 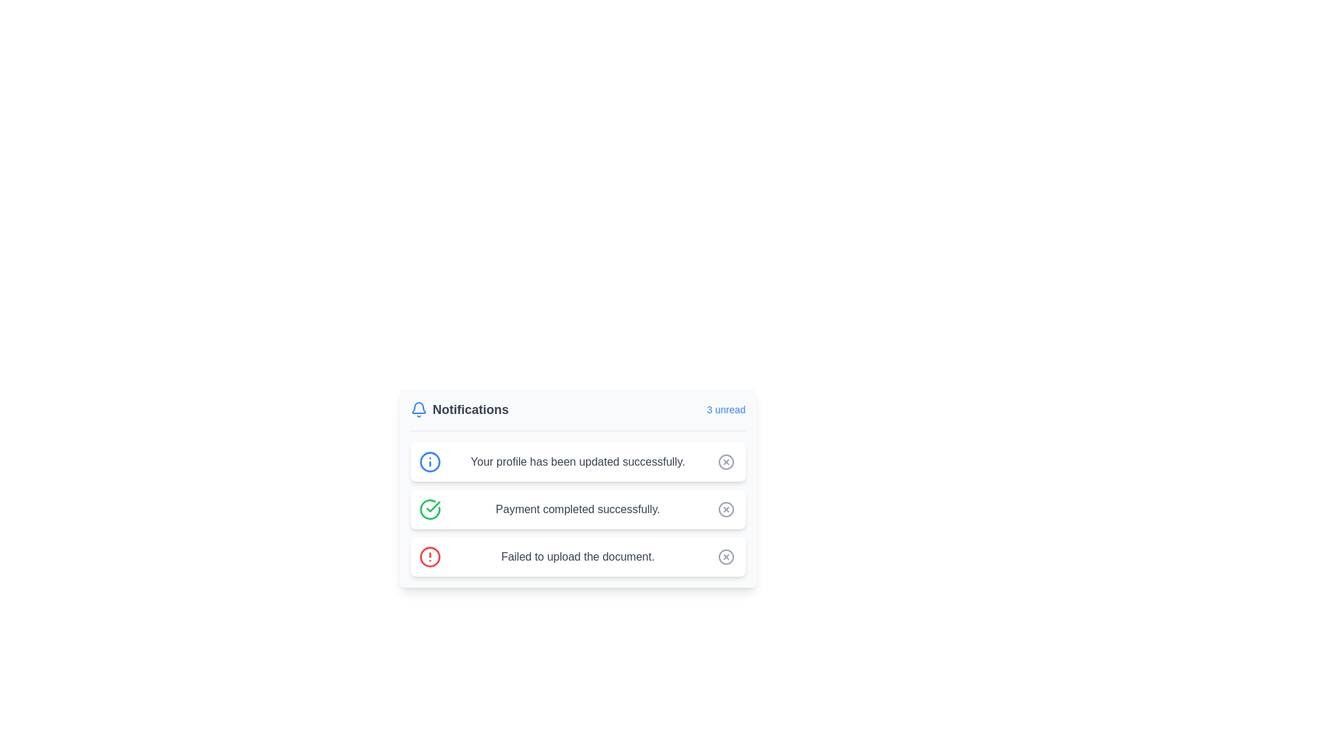 I want to click on the central circular part of the information icon, which is the first graphical element in the list of notification items, to draw attention to the associated notification about profile updates, so click(x=429, y=462).